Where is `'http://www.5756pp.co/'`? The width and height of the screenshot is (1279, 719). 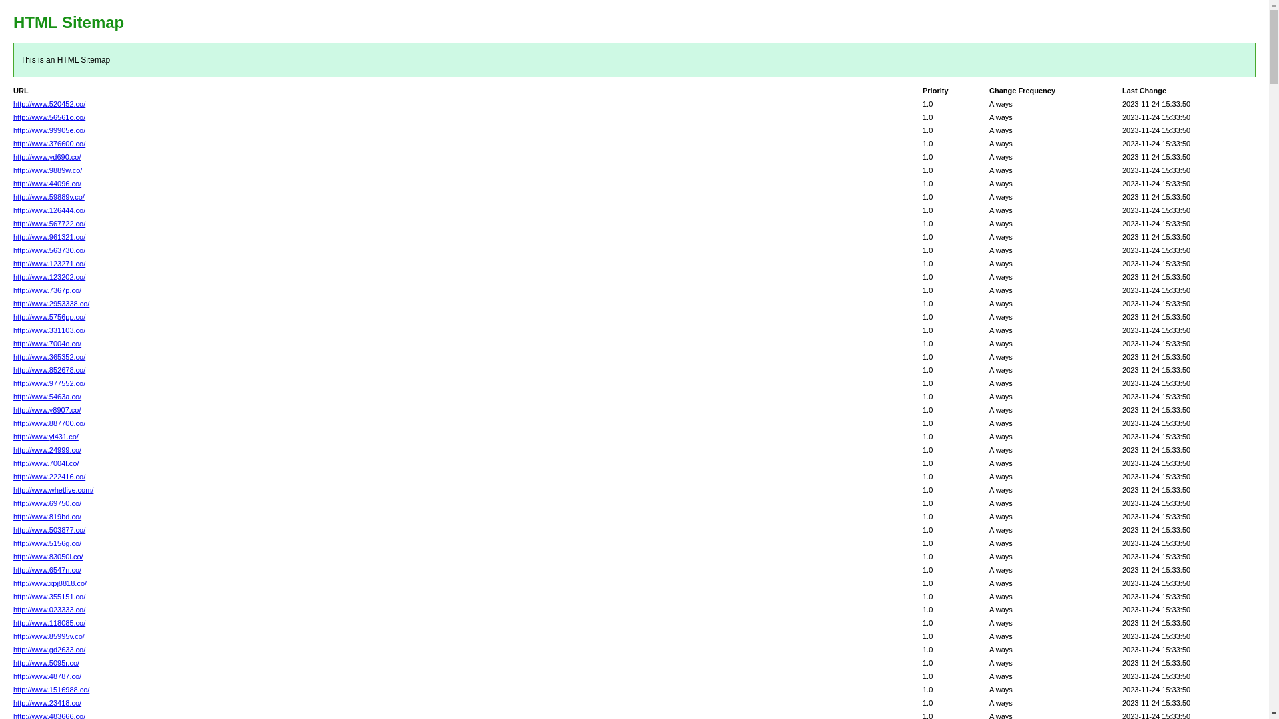 'http://www.5756pp.co/' is located at coordinates (13, 316).